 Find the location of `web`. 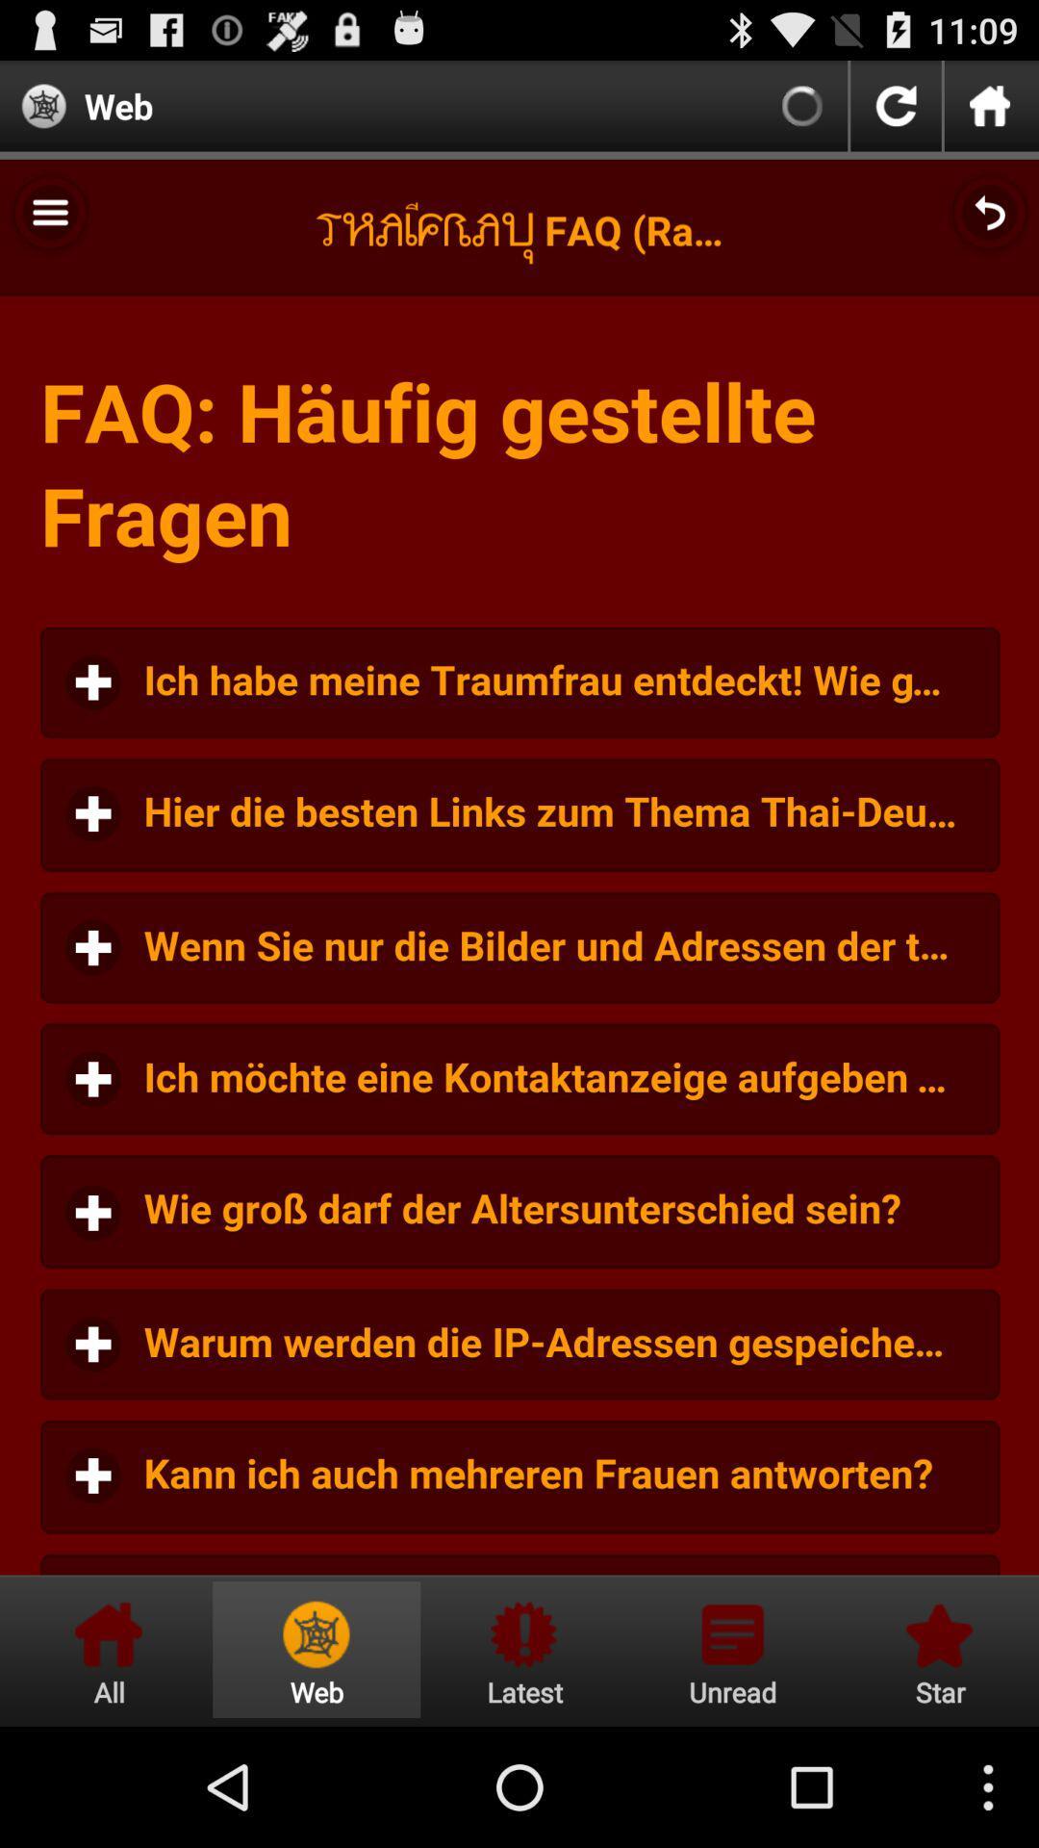

web is located at coordinates (316, 1649).